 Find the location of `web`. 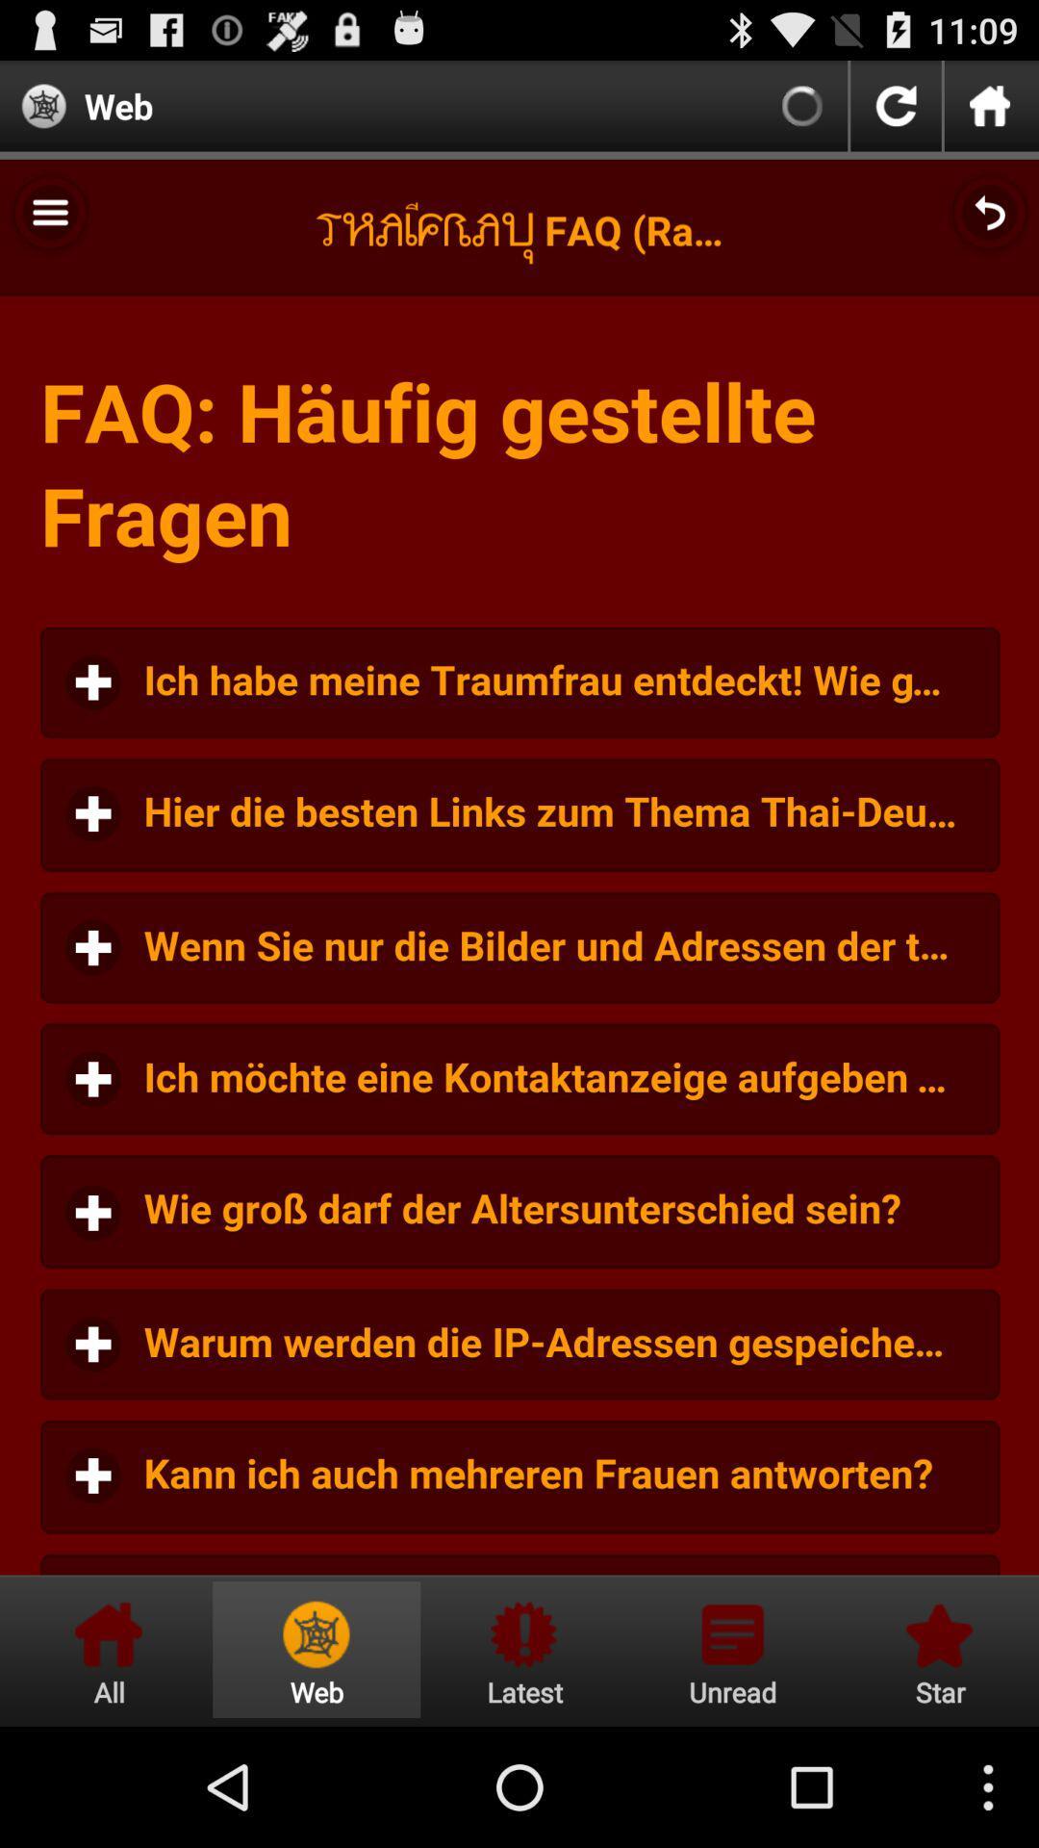

web is located at coordinates (316, 1649).